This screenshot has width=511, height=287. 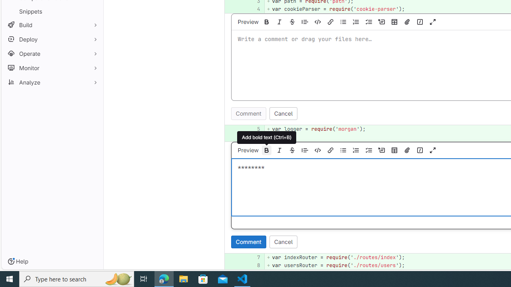 What do you see at coordinates (356, 150) in the screenshot?
I see `'Add a numbered list'` at bounding box center [356, 150].